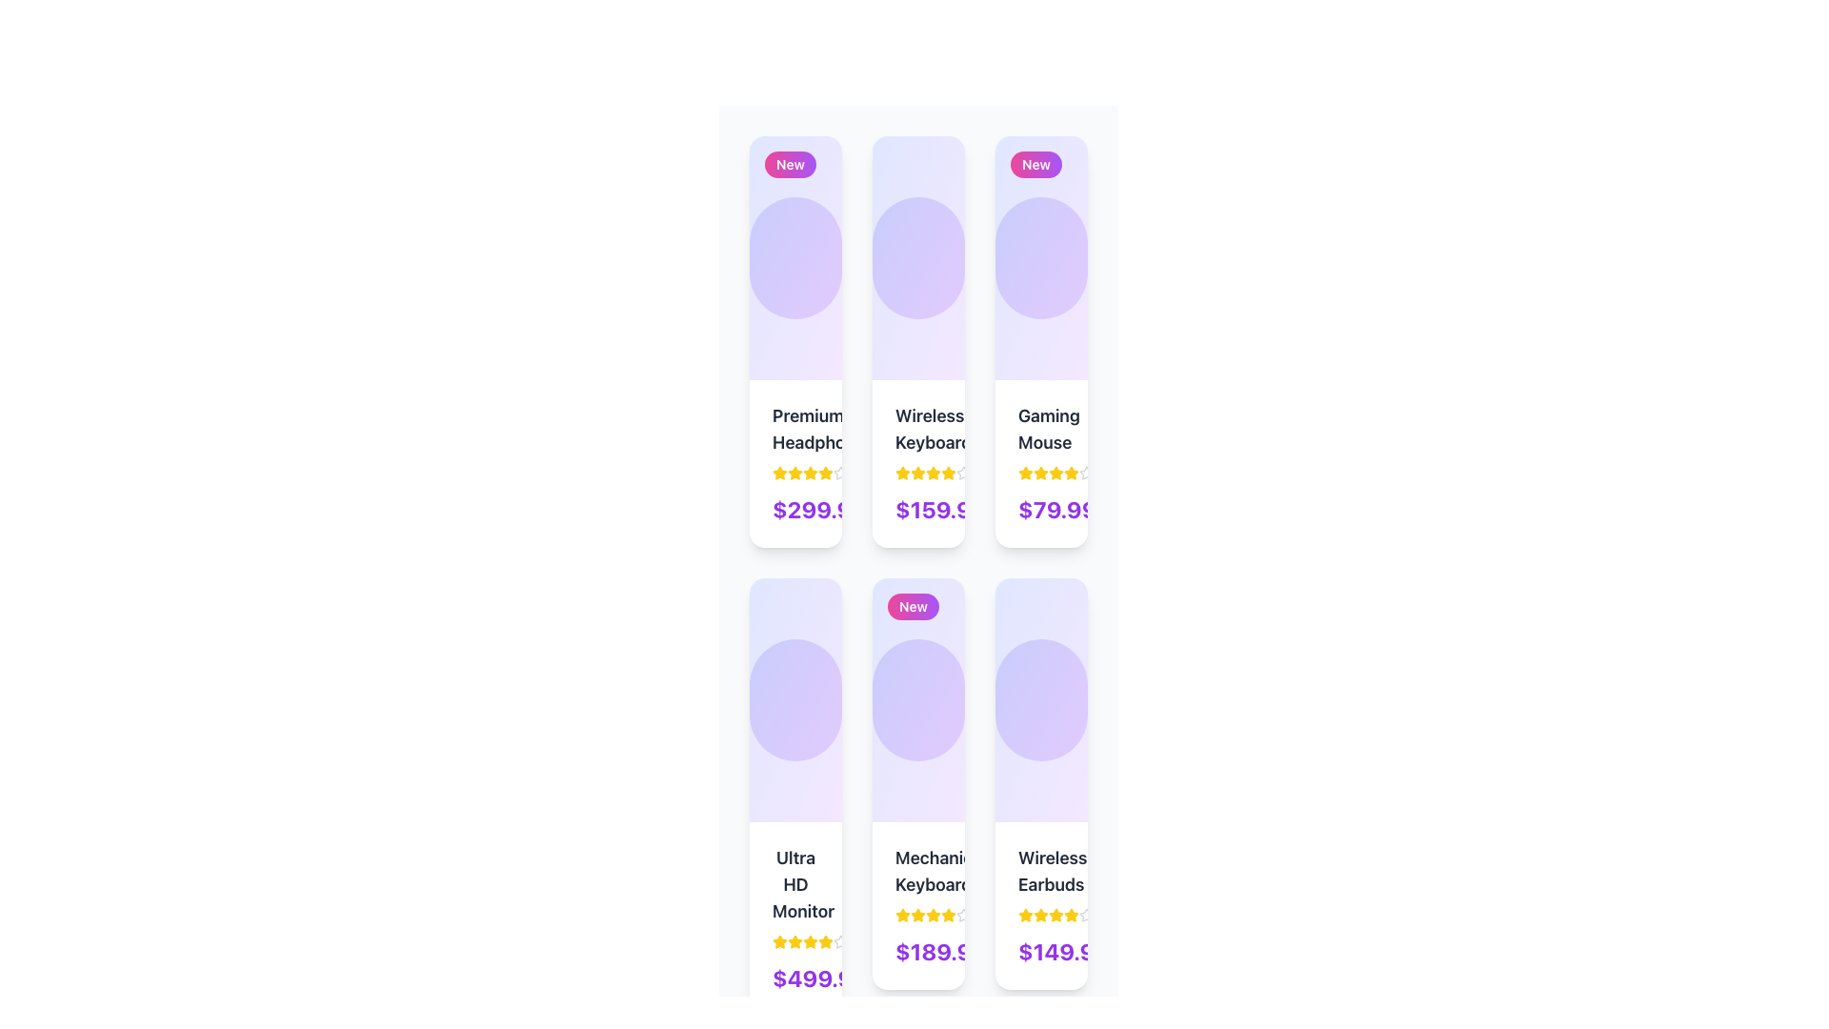 This screenshot has height=1029, width=1829. Describe the element at coordinates (918, 905) in the screenshot. I see `the ratings and price information from the product description block` at that location.